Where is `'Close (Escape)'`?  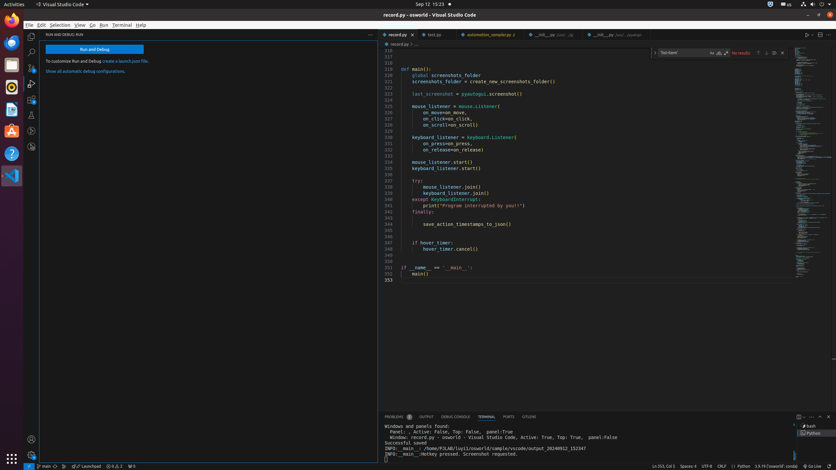 'Close (Escape)' is located at coordinates (782, 53).